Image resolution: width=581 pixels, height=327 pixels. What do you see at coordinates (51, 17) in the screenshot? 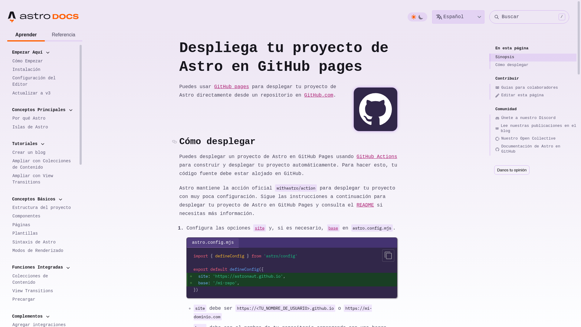
I see `'Docs'` at bounding box center [51, 17].